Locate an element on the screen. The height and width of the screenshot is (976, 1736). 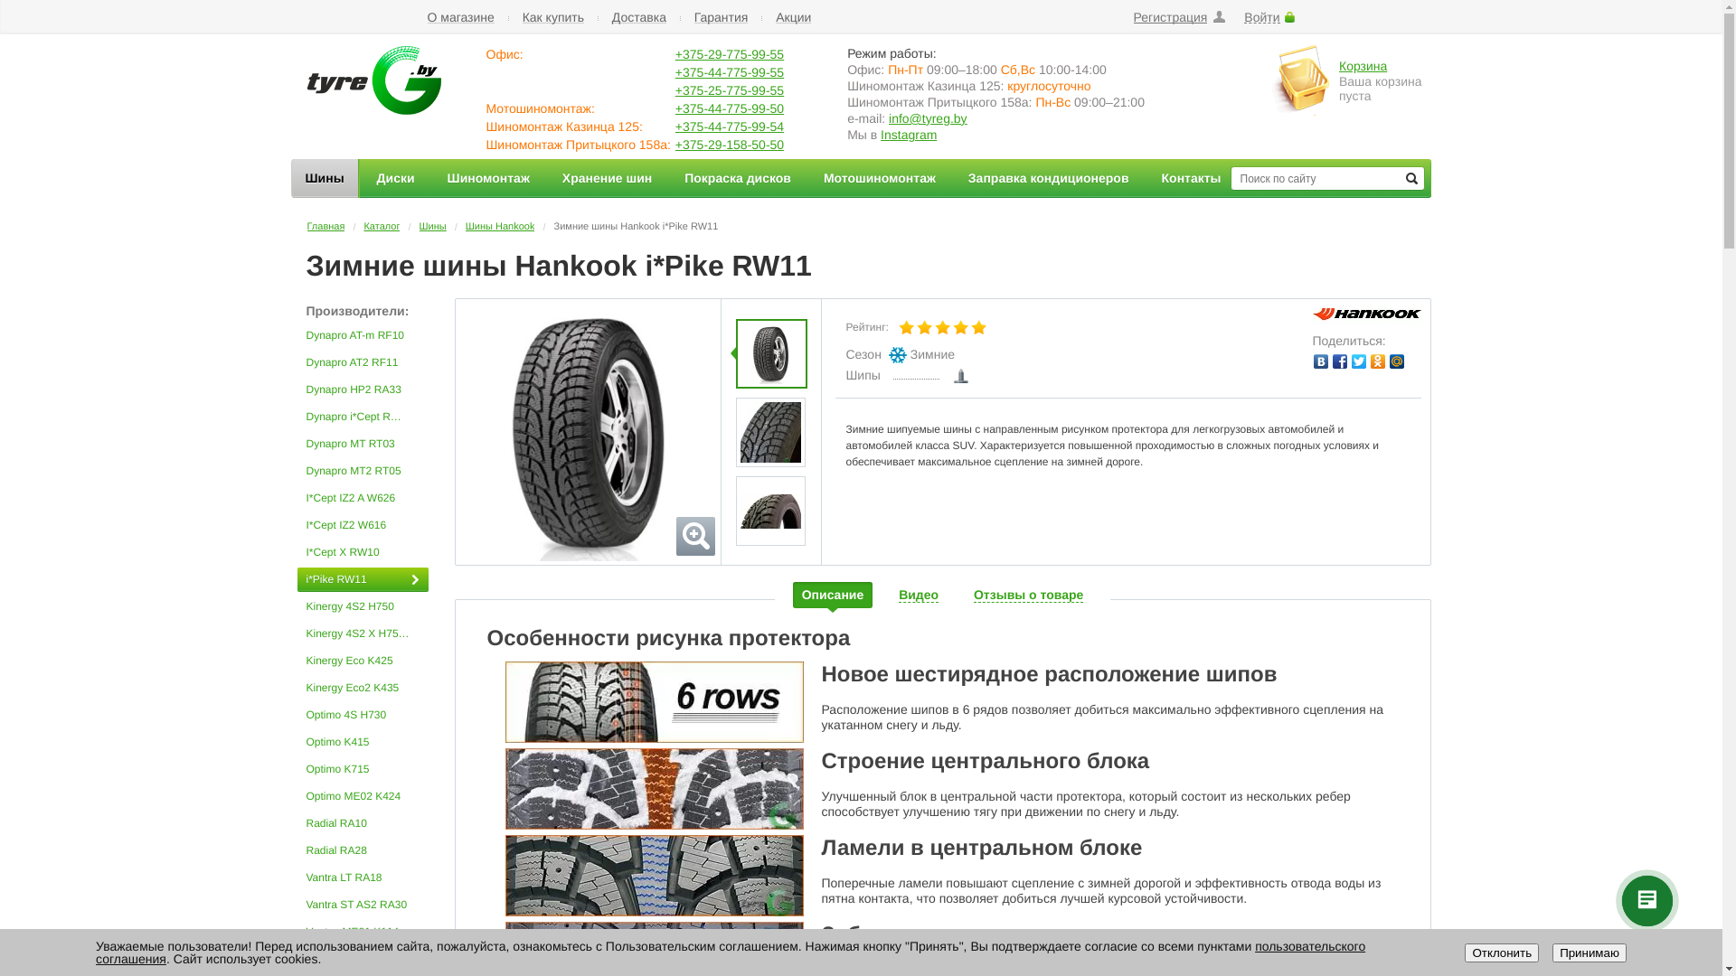
'Dynapro AT-m RF10' is located at coordinates (362, 335).